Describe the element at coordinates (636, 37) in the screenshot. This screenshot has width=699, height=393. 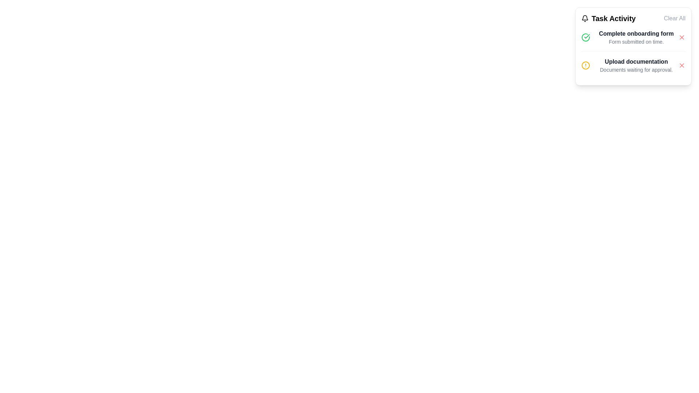
I see `text from the top item in the 'Task Activity' card, which contains the bold text 'Complete onboarding form.' and the subtitle 'Form submitted on time.'` at that location.